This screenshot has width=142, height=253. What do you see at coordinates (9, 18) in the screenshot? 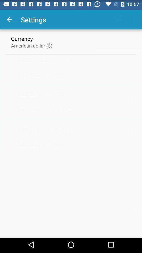
I see `item to the left of settings app` at bounding box center [9, 18].